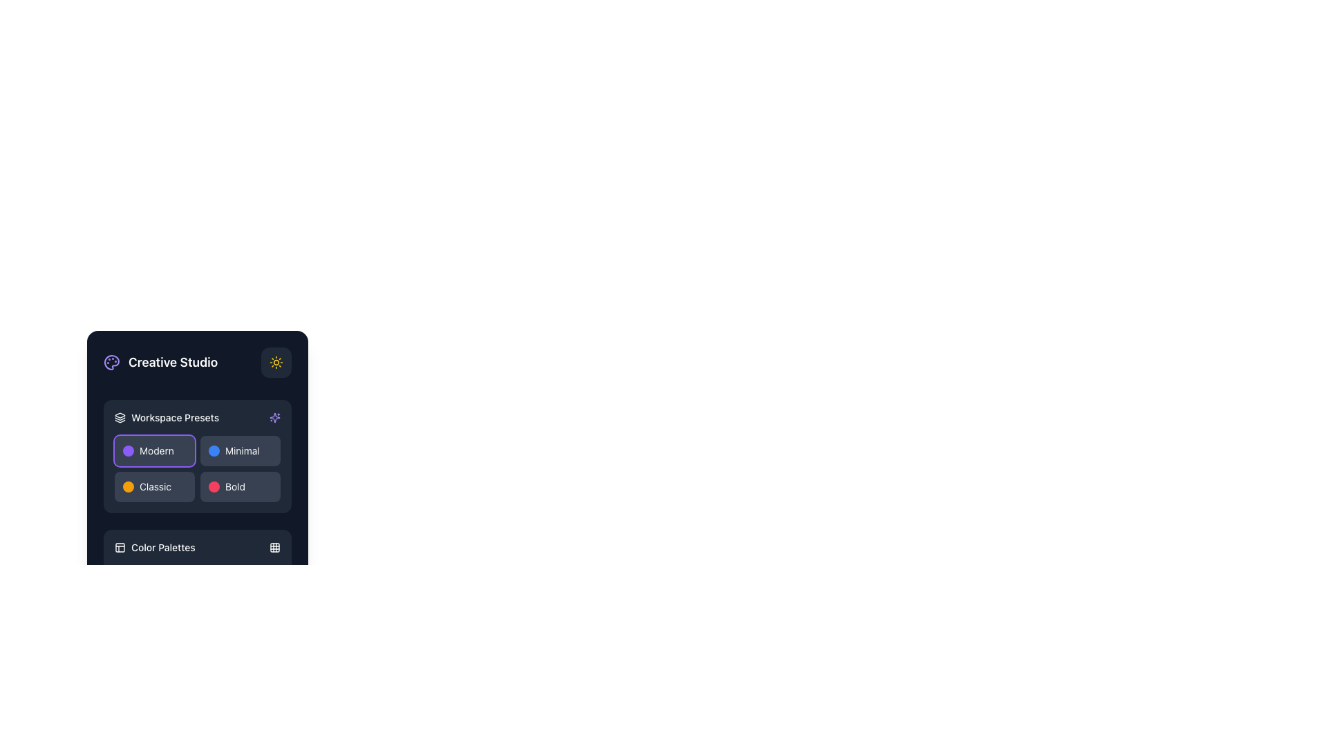 The height and width of the screenshot is (746, 1327). I want to click on the 'Classic' workspace preset button located in the bottom-left corner of the grid layout under the 'Workspace Presets' section, so click(155, 486).